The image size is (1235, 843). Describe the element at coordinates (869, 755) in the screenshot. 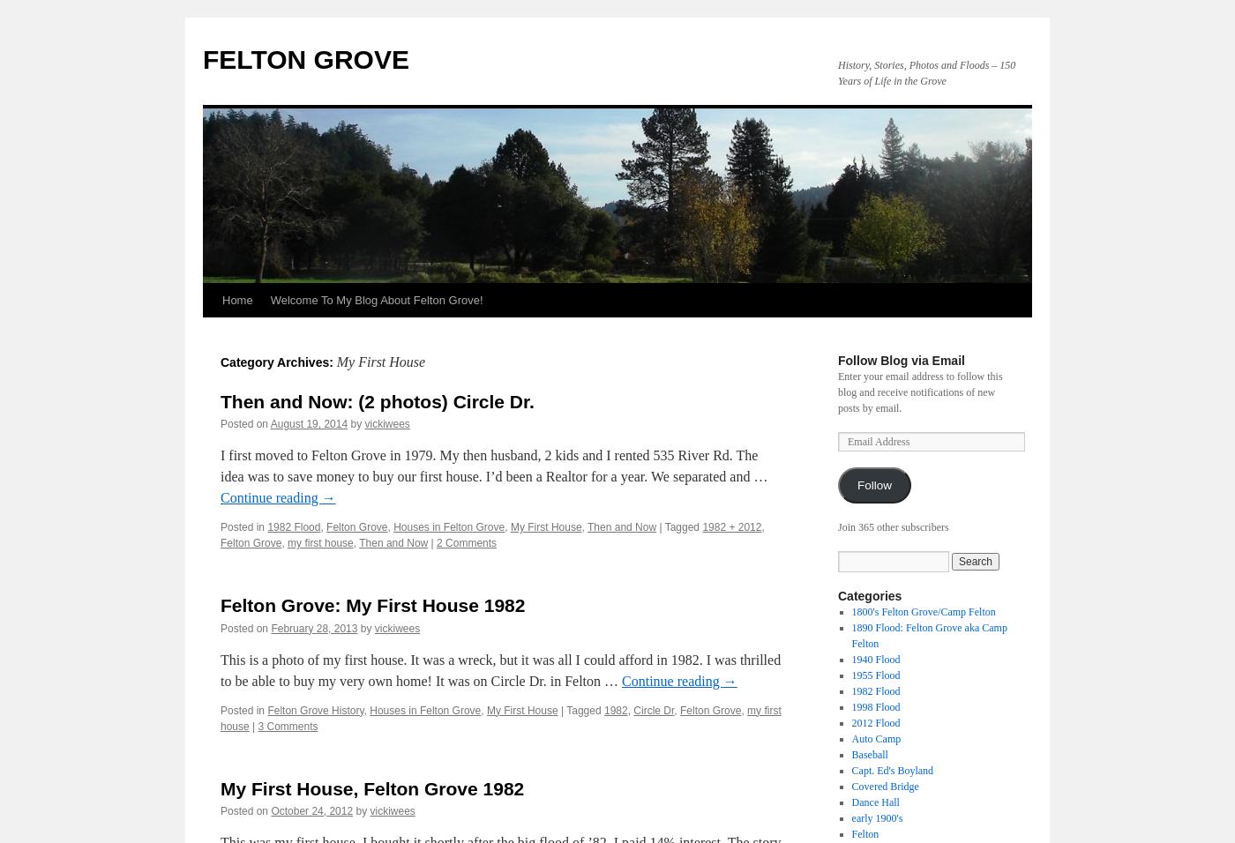

I see `'Baseball'` at that location.